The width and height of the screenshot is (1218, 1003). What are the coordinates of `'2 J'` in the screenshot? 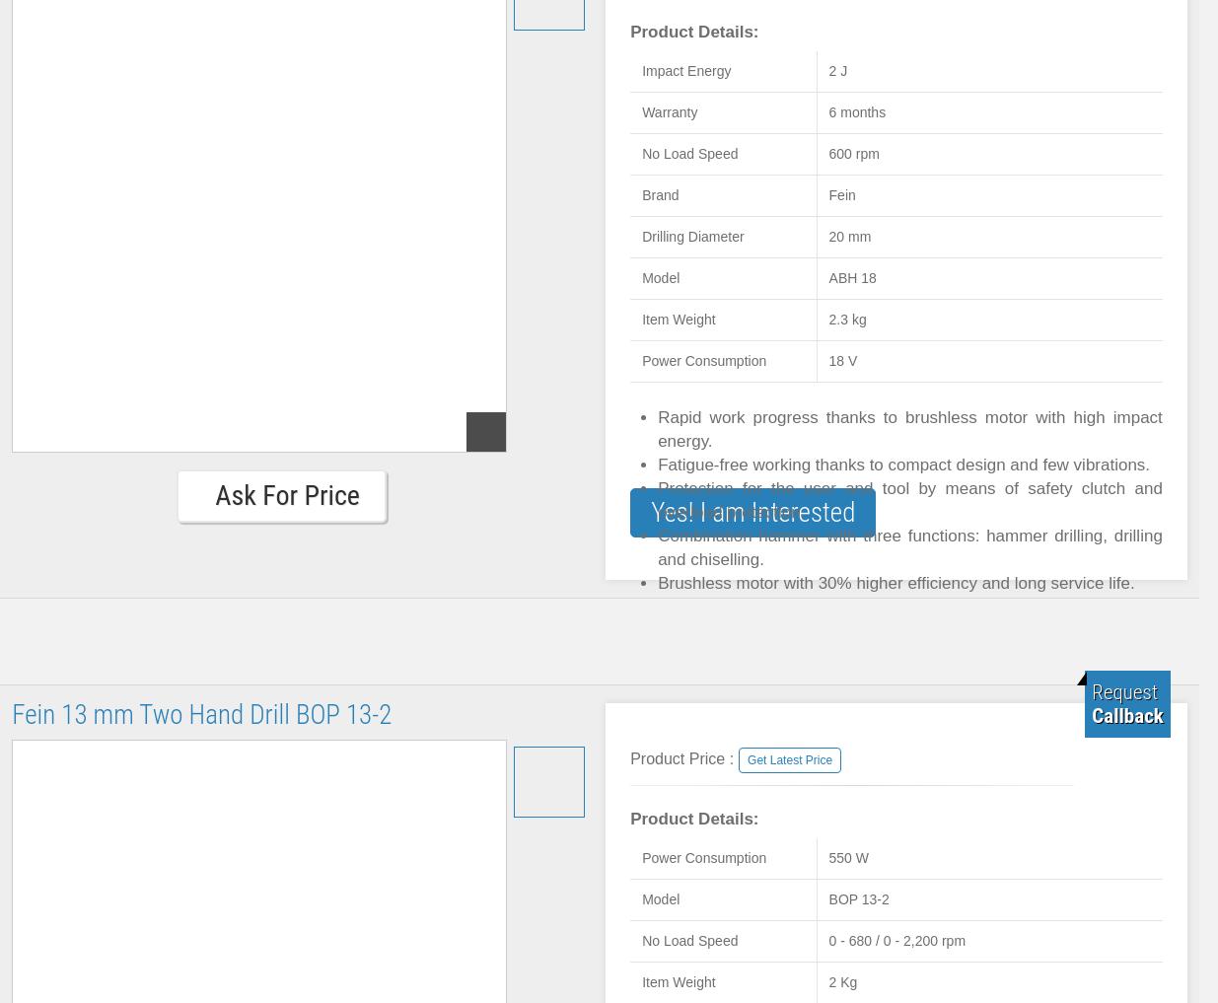 It's located at (836, 71).